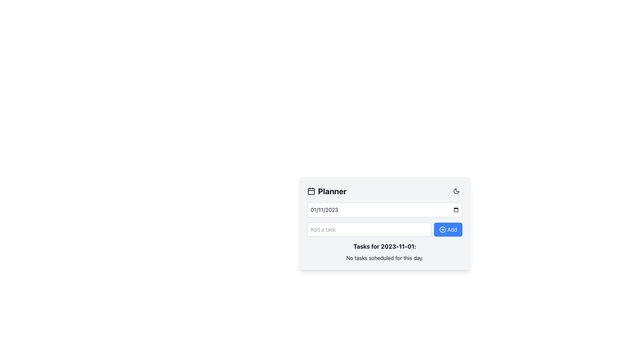 The width and height of the screenshot is (642, 361). Describe the element at coordinates (456, 191) in the screenshot. I see `the icon in the upper-right corner of the interface's main card` at that location.